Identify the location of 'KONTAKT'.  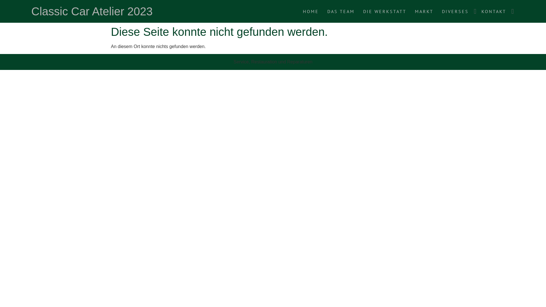
(493, 11).